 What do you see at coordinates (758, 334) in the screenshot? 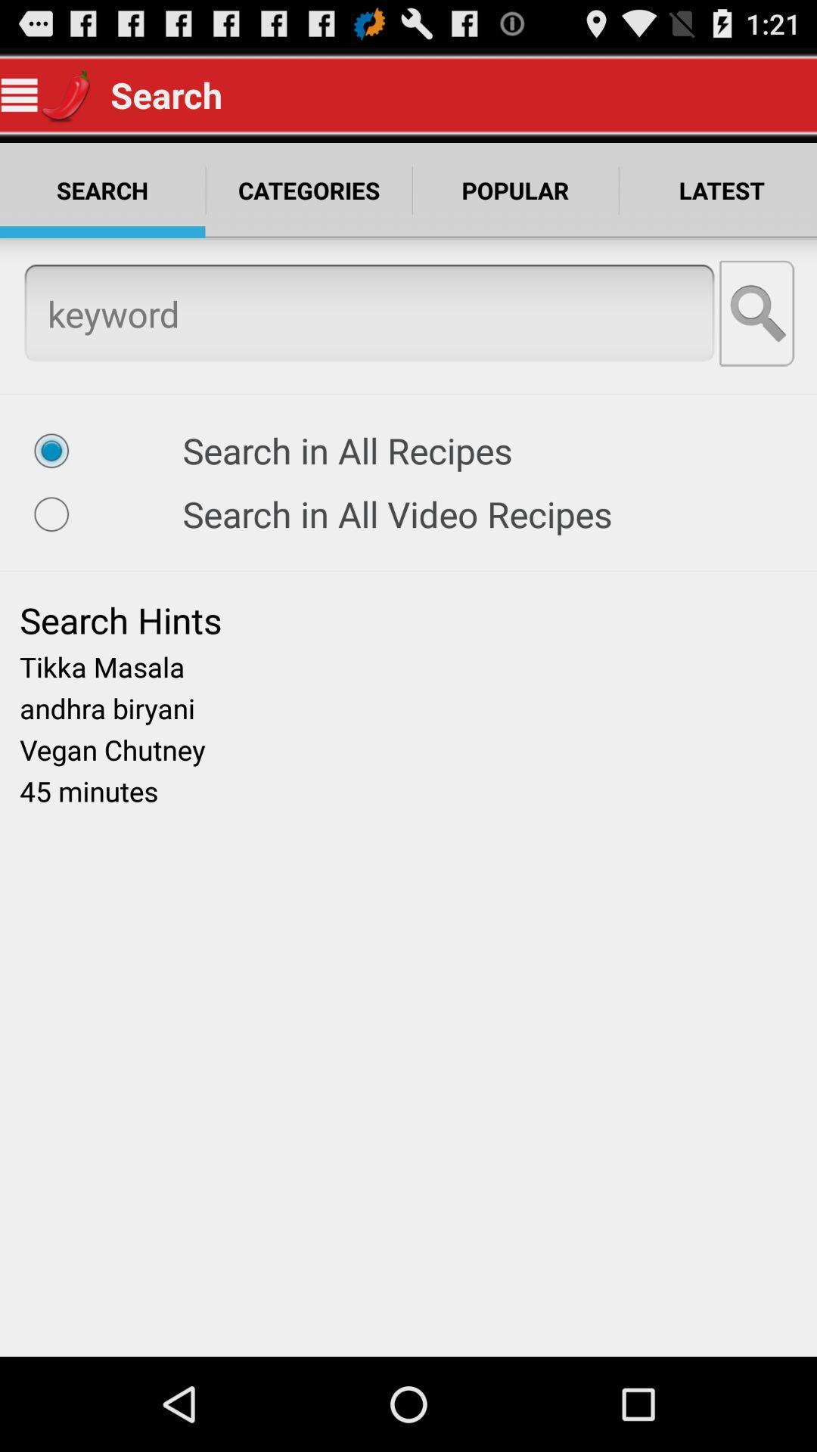
I see `the search icon` at bounding box center [758, 334].